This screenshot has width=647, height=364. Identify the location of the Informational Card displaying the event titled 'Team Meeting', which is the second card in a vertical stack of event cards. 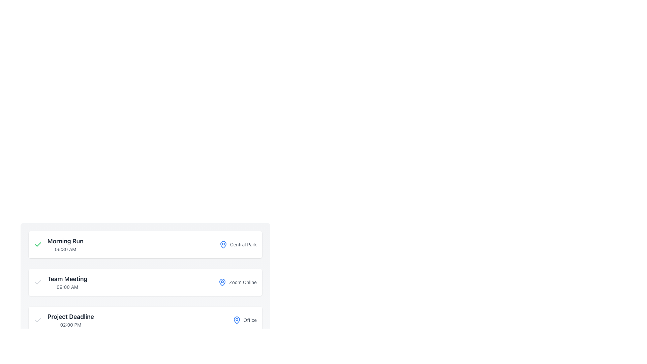
(145, 271).